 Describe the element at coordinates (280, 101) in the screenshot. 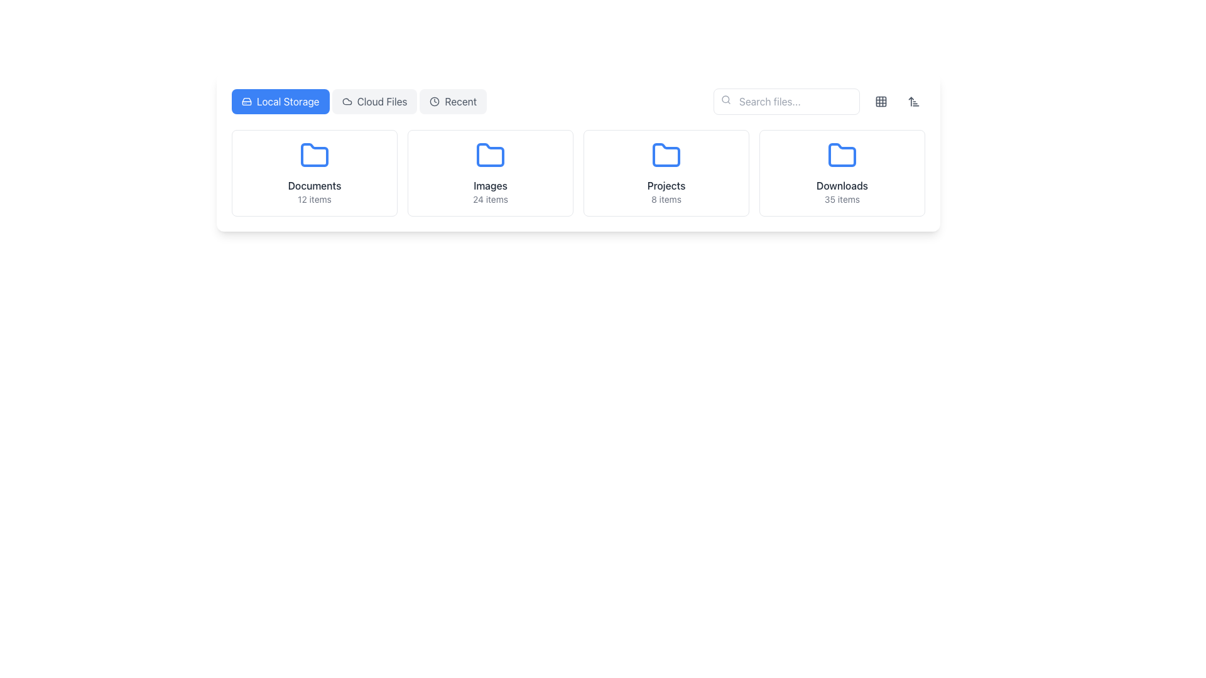

I see `the 'Local Storage' button, which is a blue rounded button with a hard drive icon and white text` at that location.